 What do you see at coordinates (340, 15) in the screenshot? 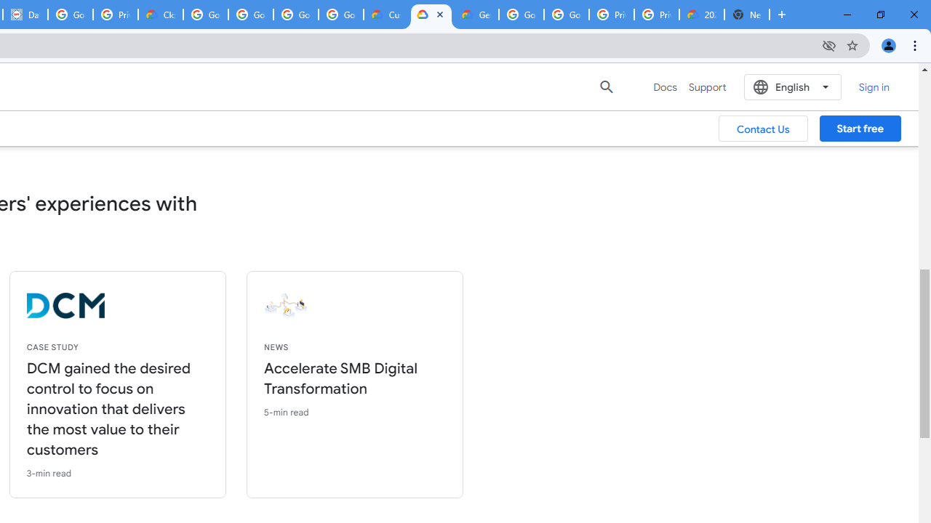
I see `'Google Workspace - Specific Terms'` at bounding box center [340, 15].